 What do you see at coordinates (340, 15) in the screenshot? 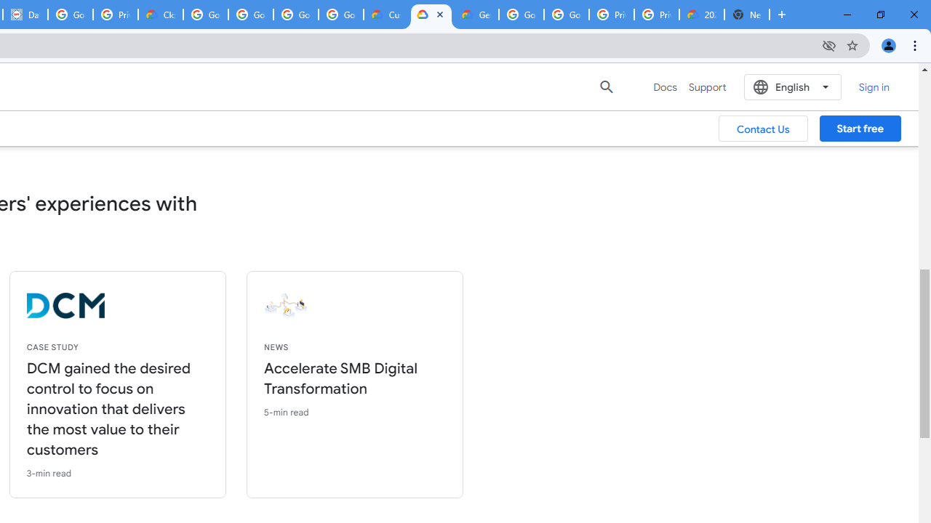
I see `'Google Workspace - Specific Terms'` at bounding box center [340, 15].